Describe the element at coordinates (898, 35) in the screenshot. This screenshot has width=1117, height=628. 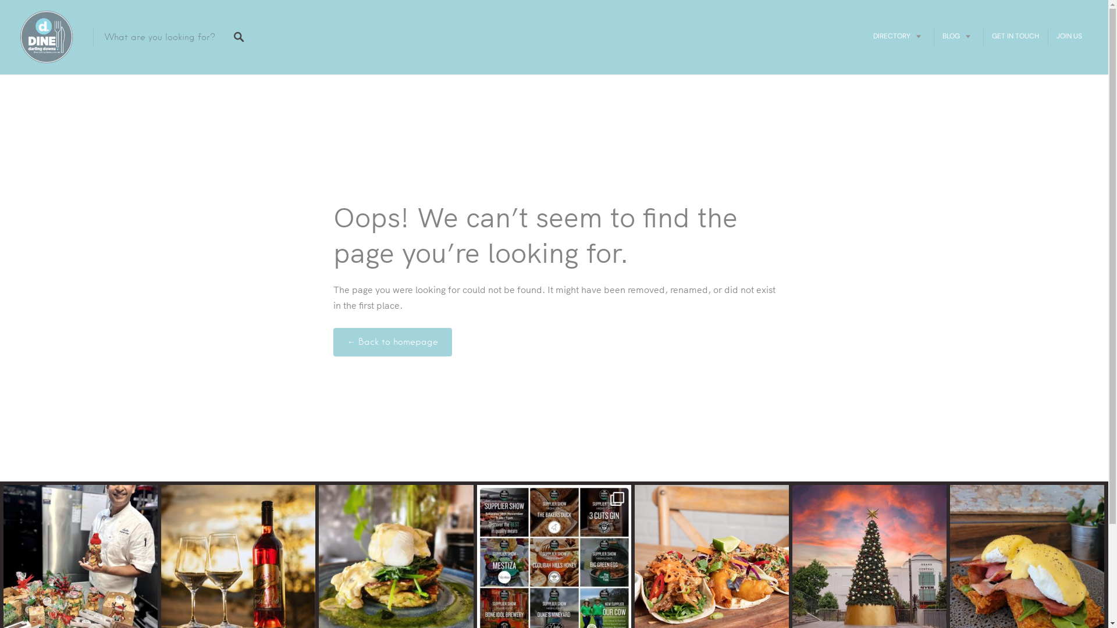
I see `'DIRECTORY'` at that location.